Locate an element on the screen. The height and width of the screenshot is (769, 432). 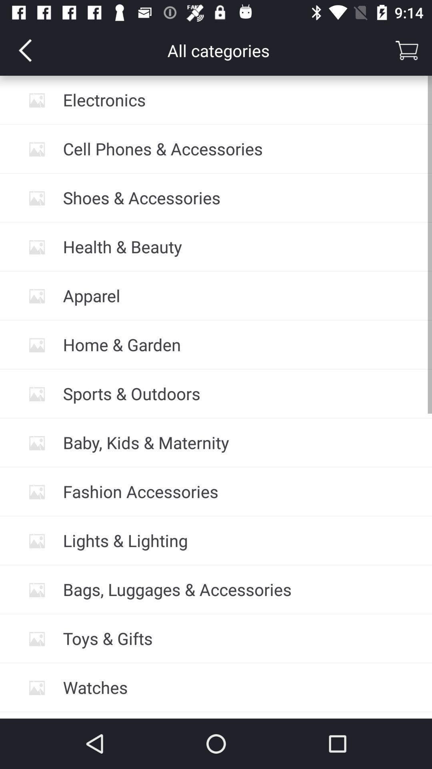
the cart icon is located at coordinates (407, 50).